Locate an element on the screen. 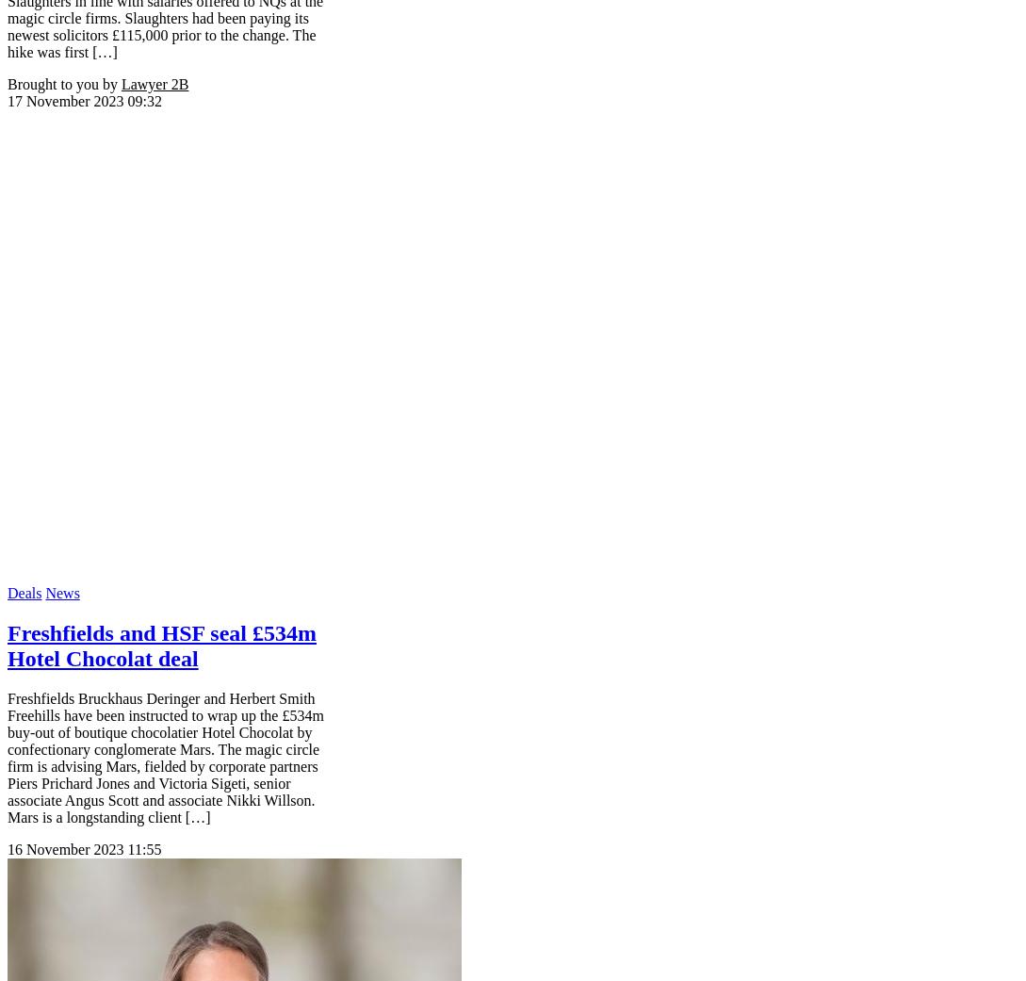  '17 November 2023' is located at coordinates (65, 100).